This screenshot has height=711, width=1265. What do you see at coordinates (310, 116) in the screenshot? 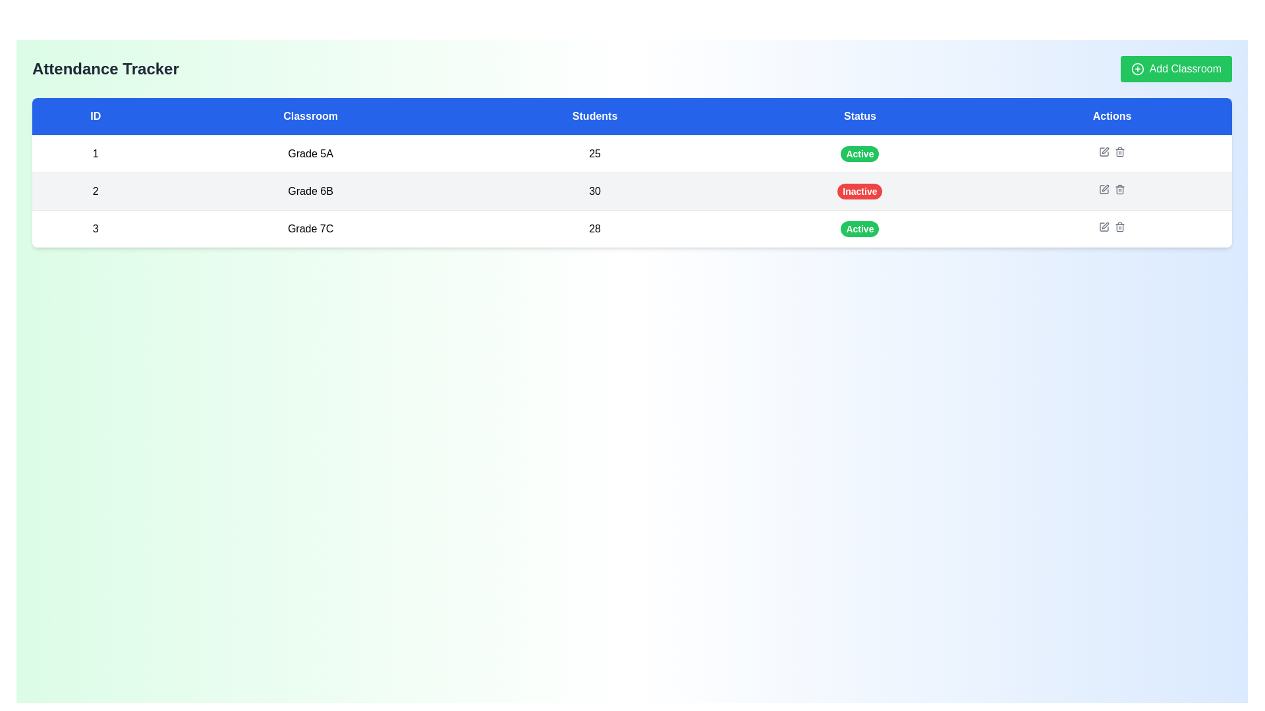
I see `the 'Classroom' column header in the table, which is the second column heading located between the 'ID' and 'Students' column headings` at bounding box center [310, 116].